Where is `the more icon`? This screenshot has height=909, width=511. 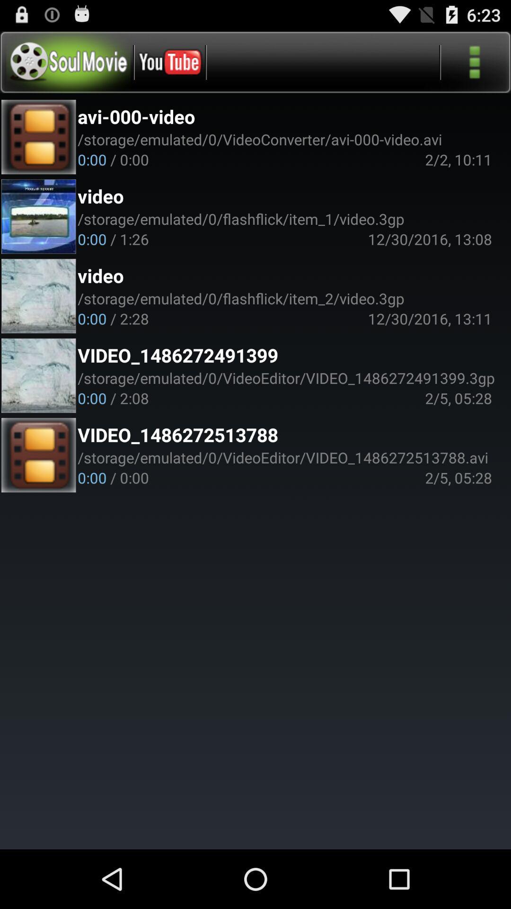 the more icon is located at coordinates (475, 66).